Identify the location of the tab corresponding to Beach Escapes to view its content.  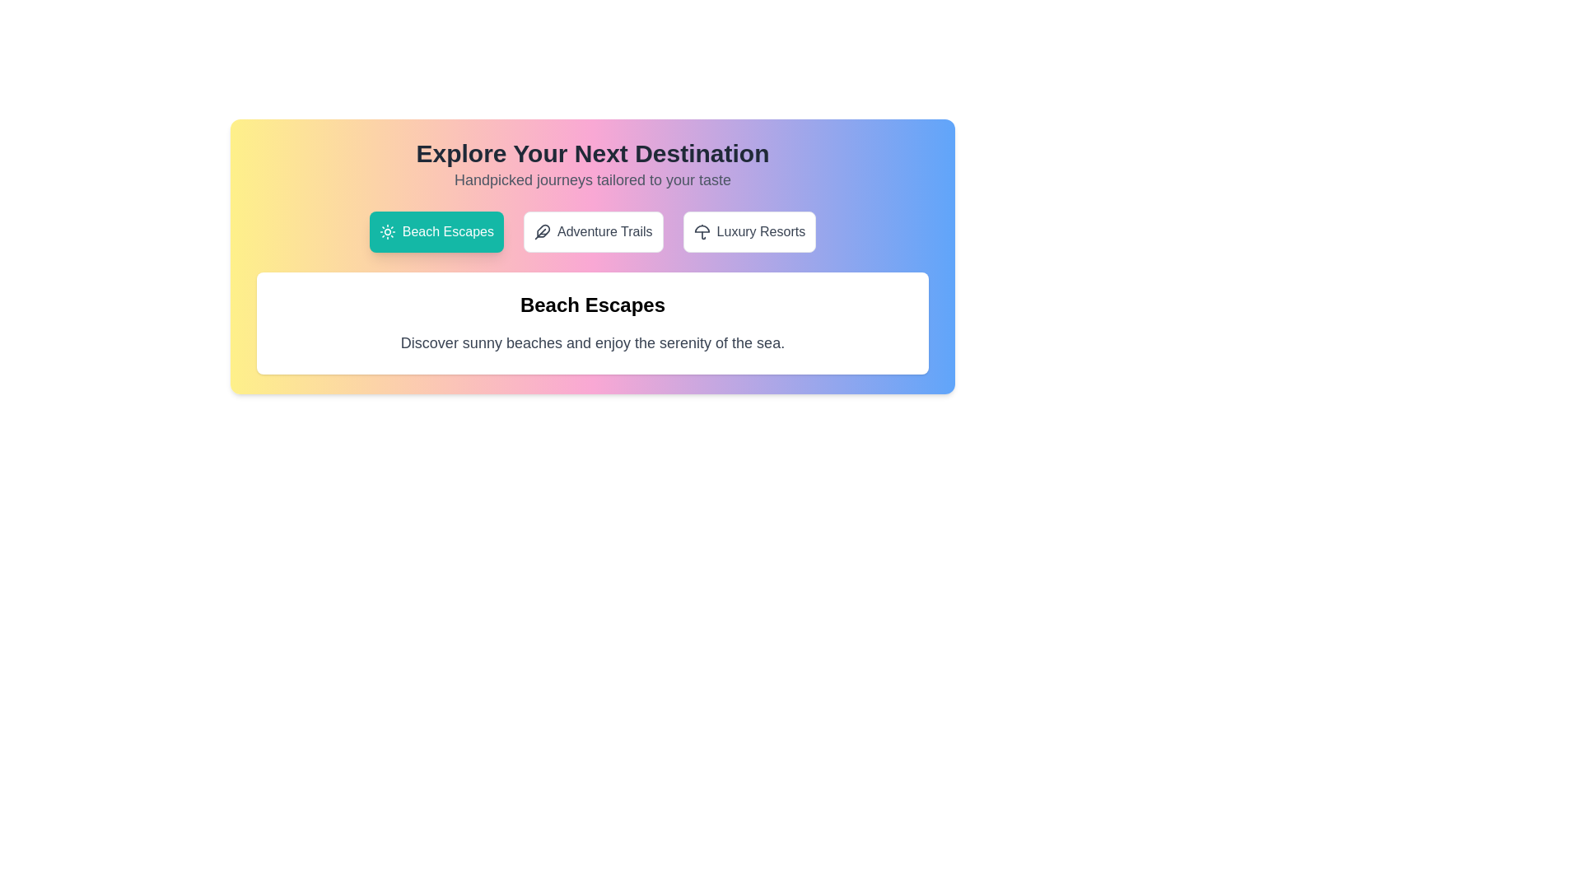
(436, 231).